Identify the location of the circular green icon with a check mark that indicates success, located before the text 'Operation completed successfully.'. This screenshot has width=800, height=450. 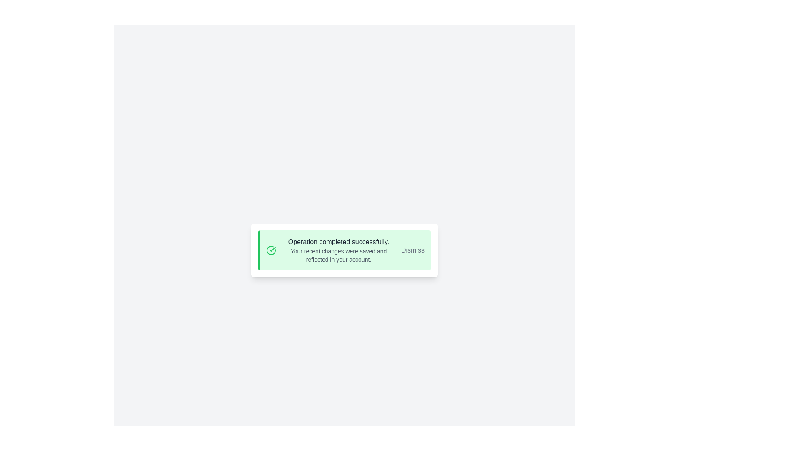
(271, 250).